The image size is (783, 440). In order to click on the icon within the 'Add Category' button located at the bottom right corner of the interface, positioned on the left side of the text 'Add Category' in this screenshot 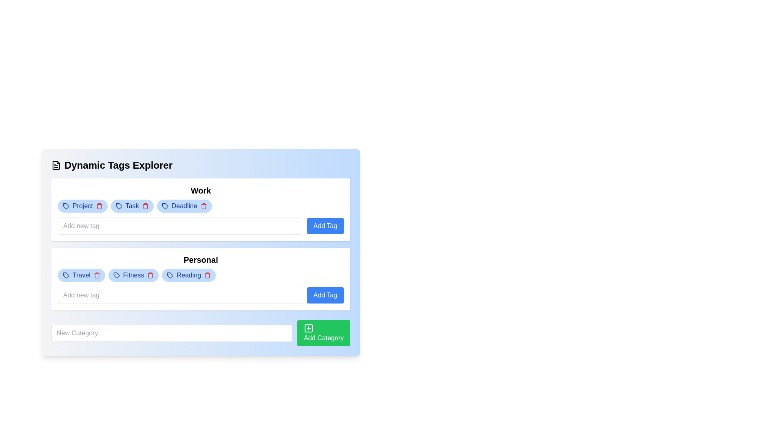, I will do `click(308, 328)`.